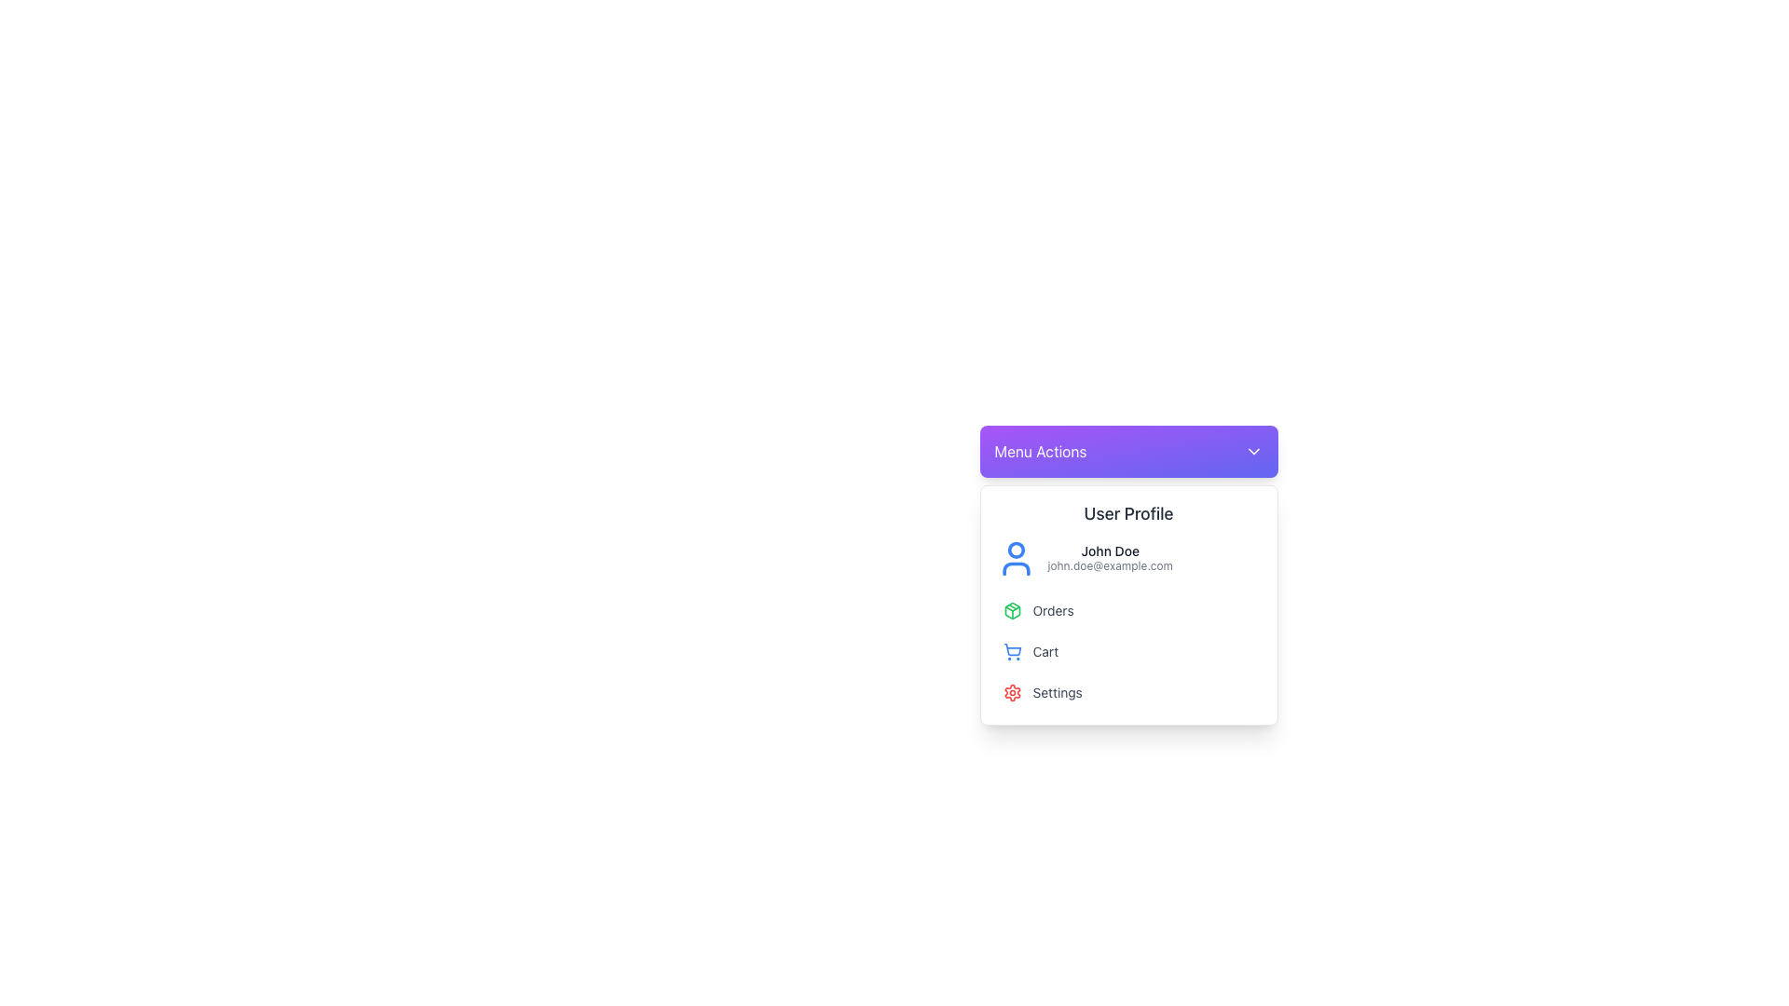  What do you see at coordinates (1253, 452) in the screenshot?
I see `the small chevron-down icon located to the right of the 'Menu Actions' text in the purple header section` at bounding box center [1253, 452].